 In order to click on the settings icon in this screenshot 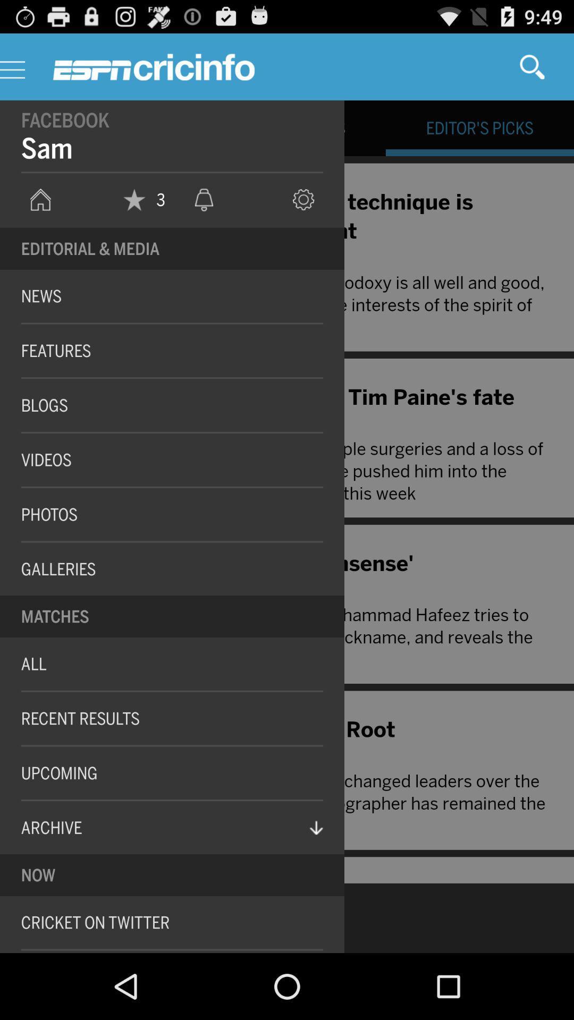, I will do `click(303, 214)`.